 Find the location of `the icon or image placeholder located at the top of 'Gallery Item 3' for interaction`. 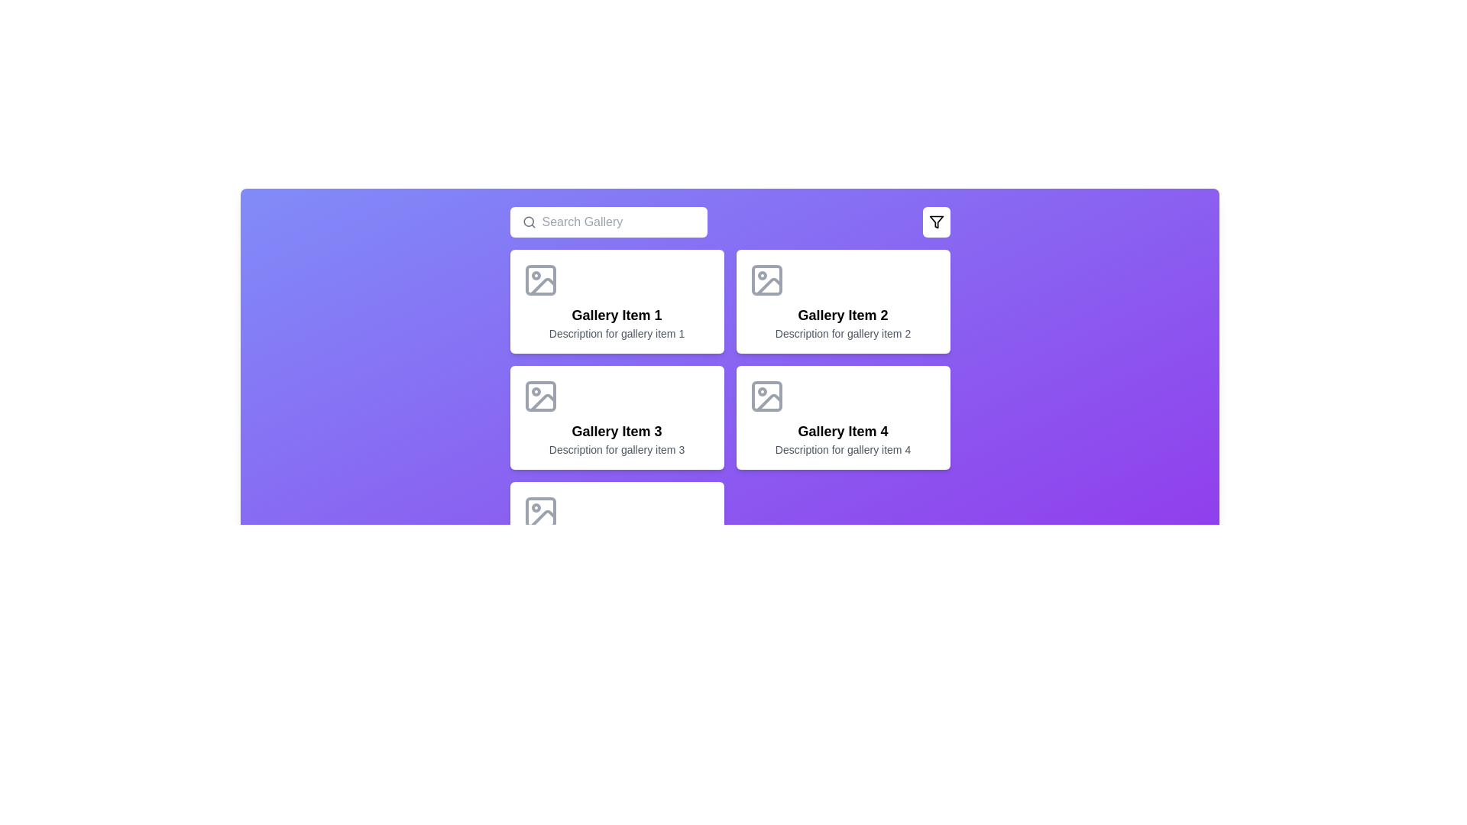

the icon or image placeholder located at the top of 'Gallery Item 3' for interaction is located at coordinates (540, 396).